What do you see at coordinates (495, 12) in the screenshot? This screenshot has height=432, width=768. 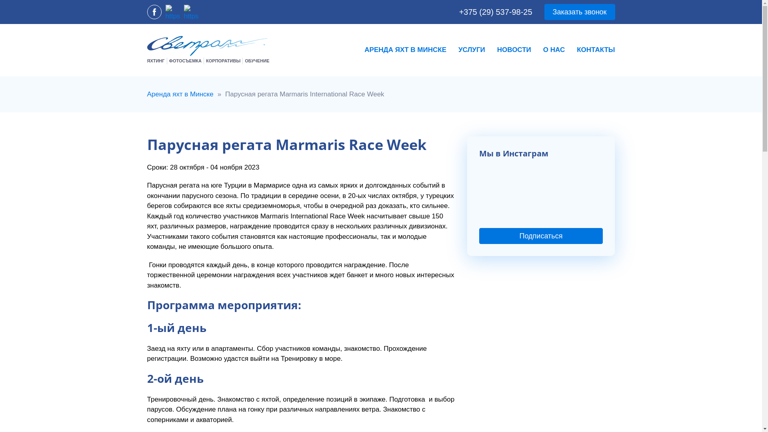 I see `'+375 (29) 537-98-25'` at bounding box center [495, 12].